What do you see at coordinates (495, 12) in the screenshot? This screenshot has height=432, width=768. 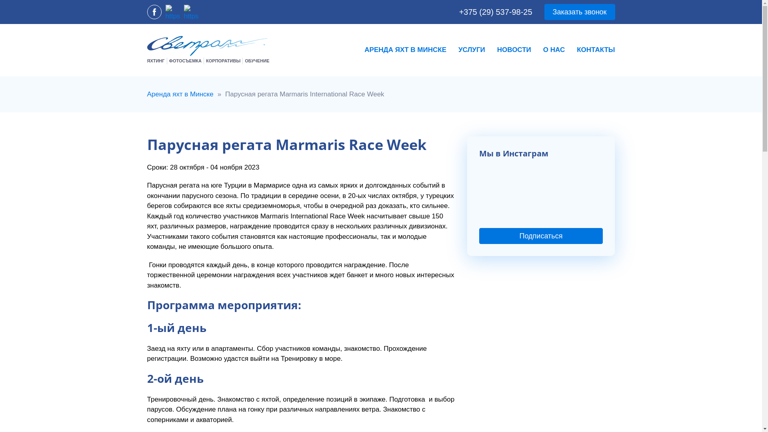 I see `'+375 (29) 537-98-25'` at bounding box center [495, 12].